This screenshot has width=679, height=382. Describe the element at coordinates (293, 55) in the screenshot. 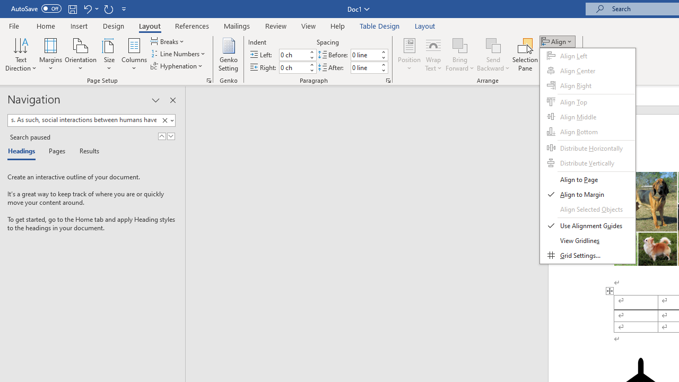

I see `'Indent Left'` at that location.